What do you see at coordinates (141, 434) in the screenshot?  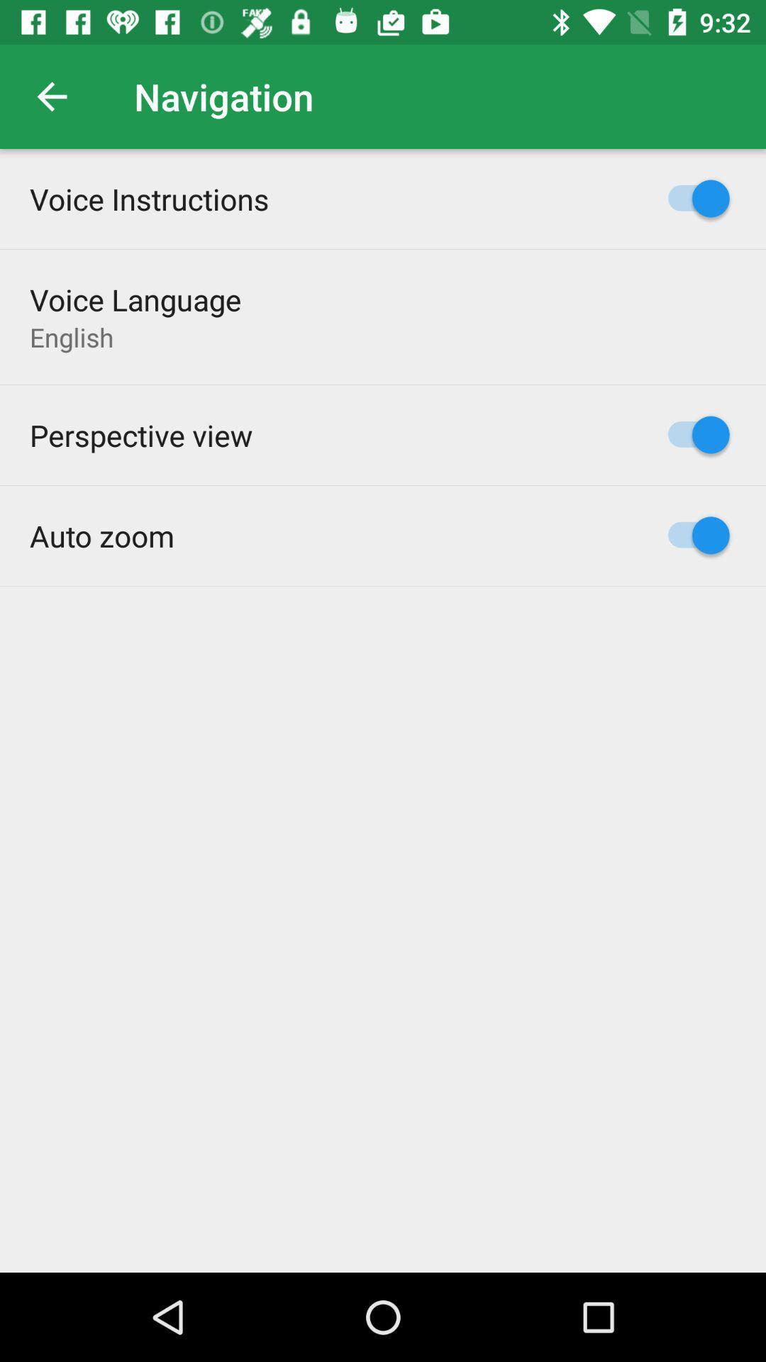 I see `the perspective view` at bounding box center [141, 434].